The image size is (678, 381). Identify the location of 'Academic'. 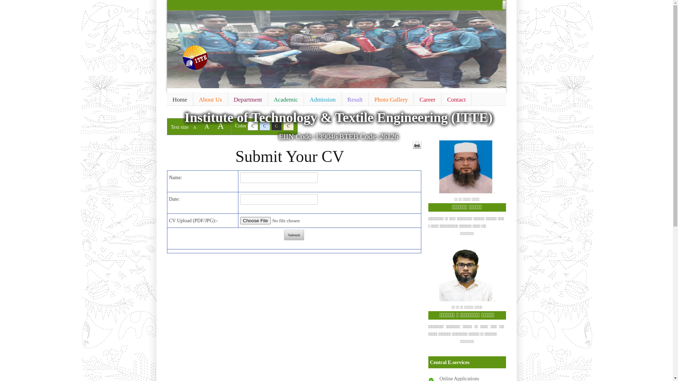
(286, 99).